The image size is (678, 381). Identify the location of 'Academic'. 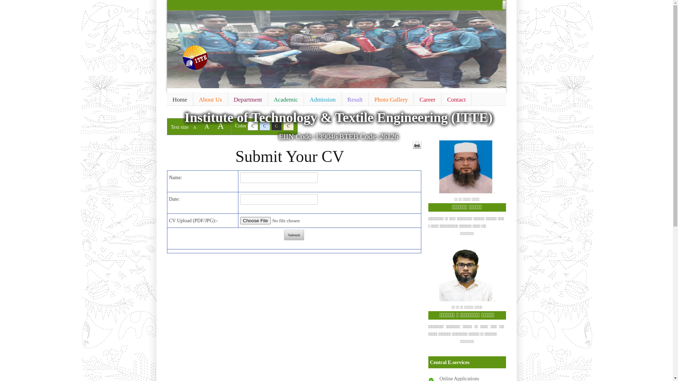
(286, 99).